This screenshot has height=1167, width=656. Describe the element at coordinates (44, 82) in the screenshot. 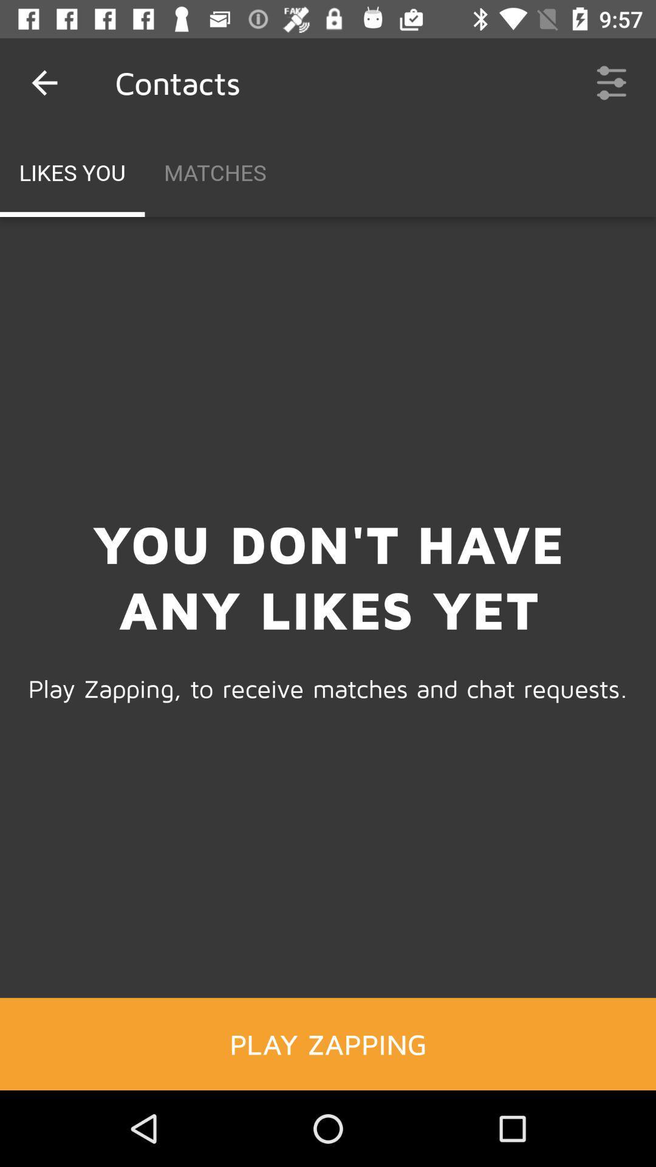

I see `the icon above likes you item` at that location.